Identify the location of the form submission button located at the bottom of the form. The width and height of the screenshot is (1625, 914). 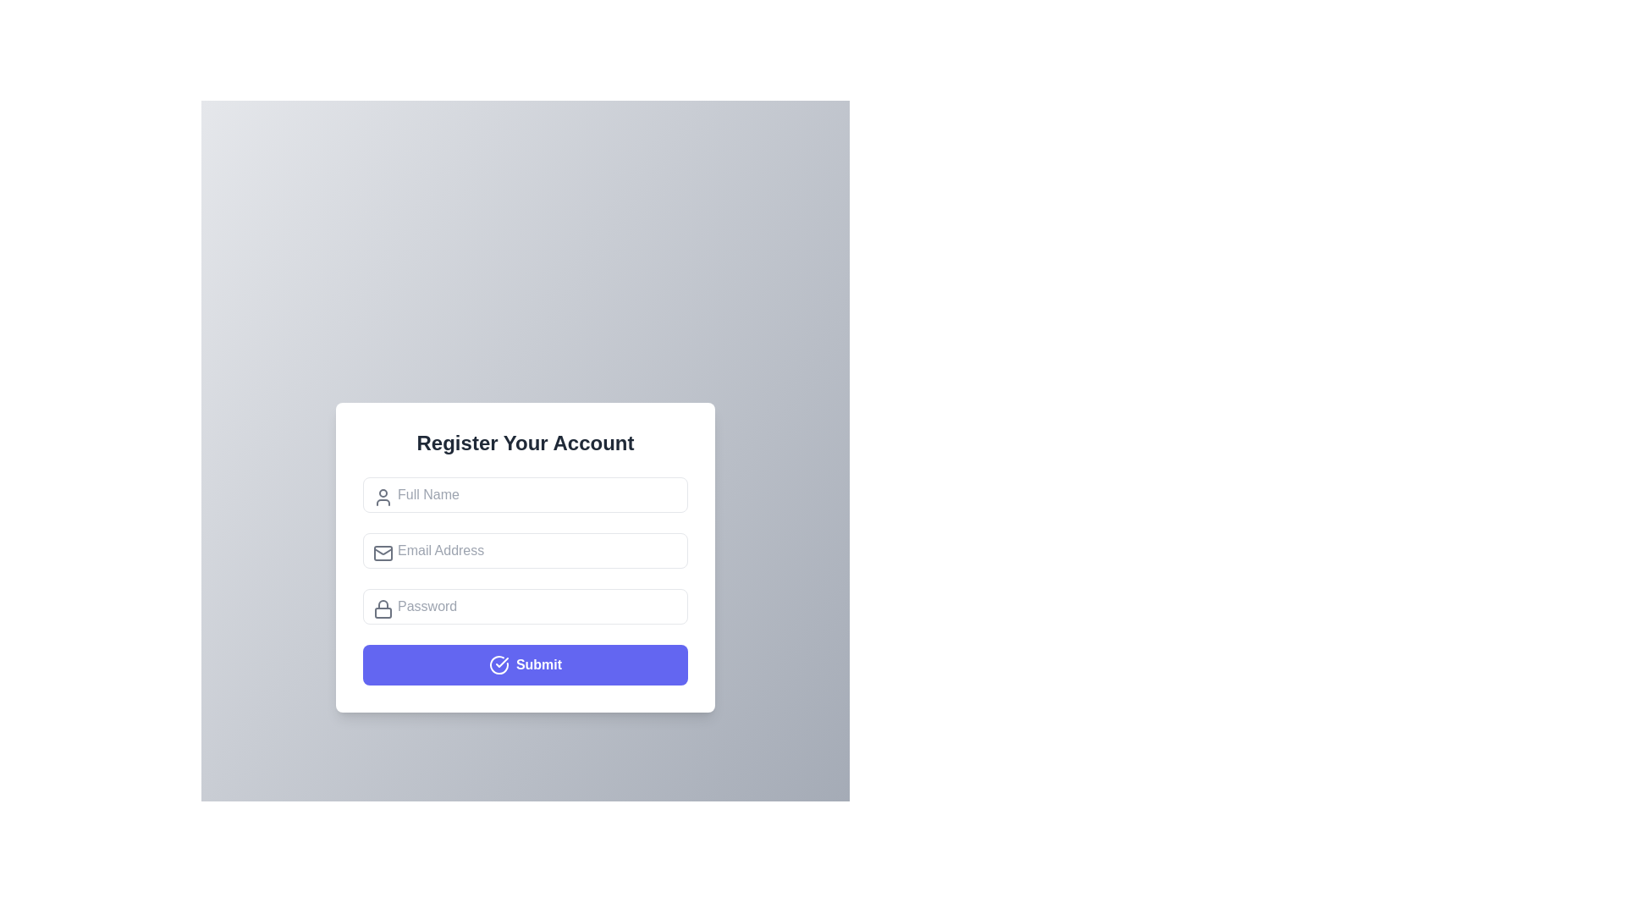
(524, 663).